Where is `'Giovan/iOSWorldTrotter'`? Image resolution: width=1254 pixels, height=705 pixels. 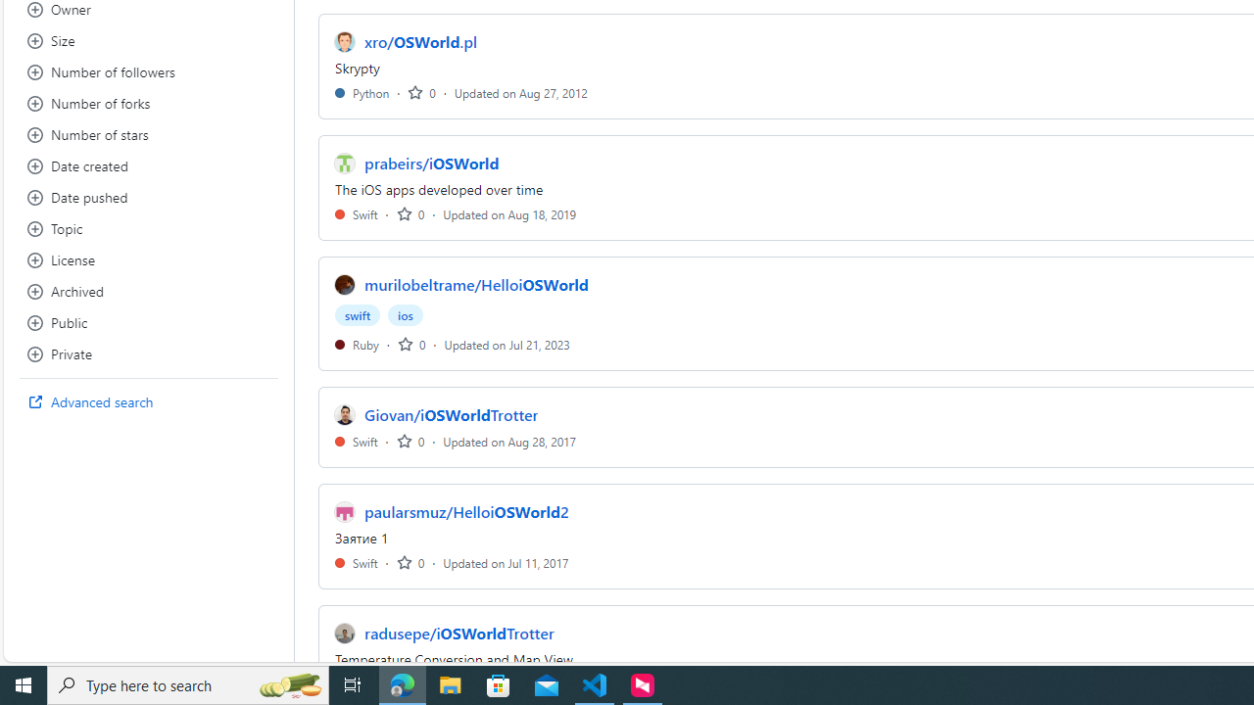
'Giovan/iOSWorldTrotter' is located at coordinates (451, 414).